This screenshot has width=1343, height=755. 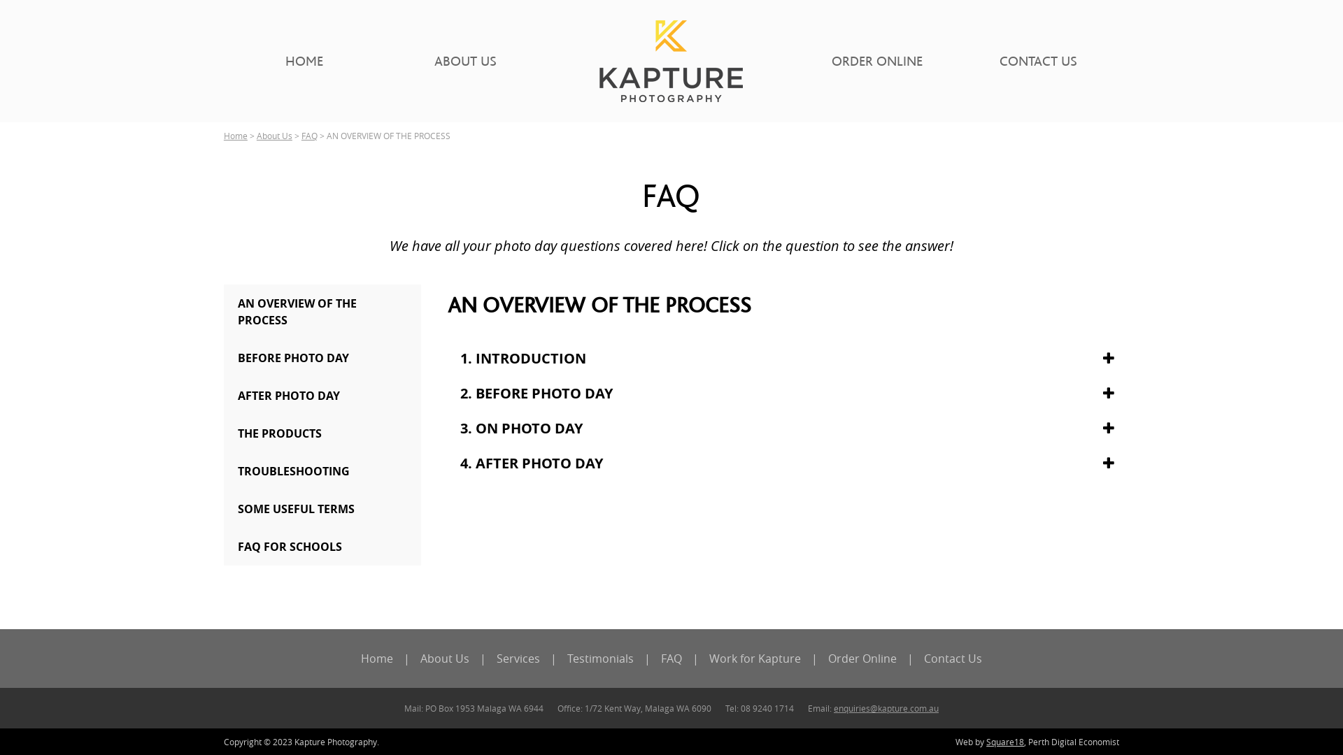 I want to click on 'TROUBLESHOOTING', so click(x=321, y=471).